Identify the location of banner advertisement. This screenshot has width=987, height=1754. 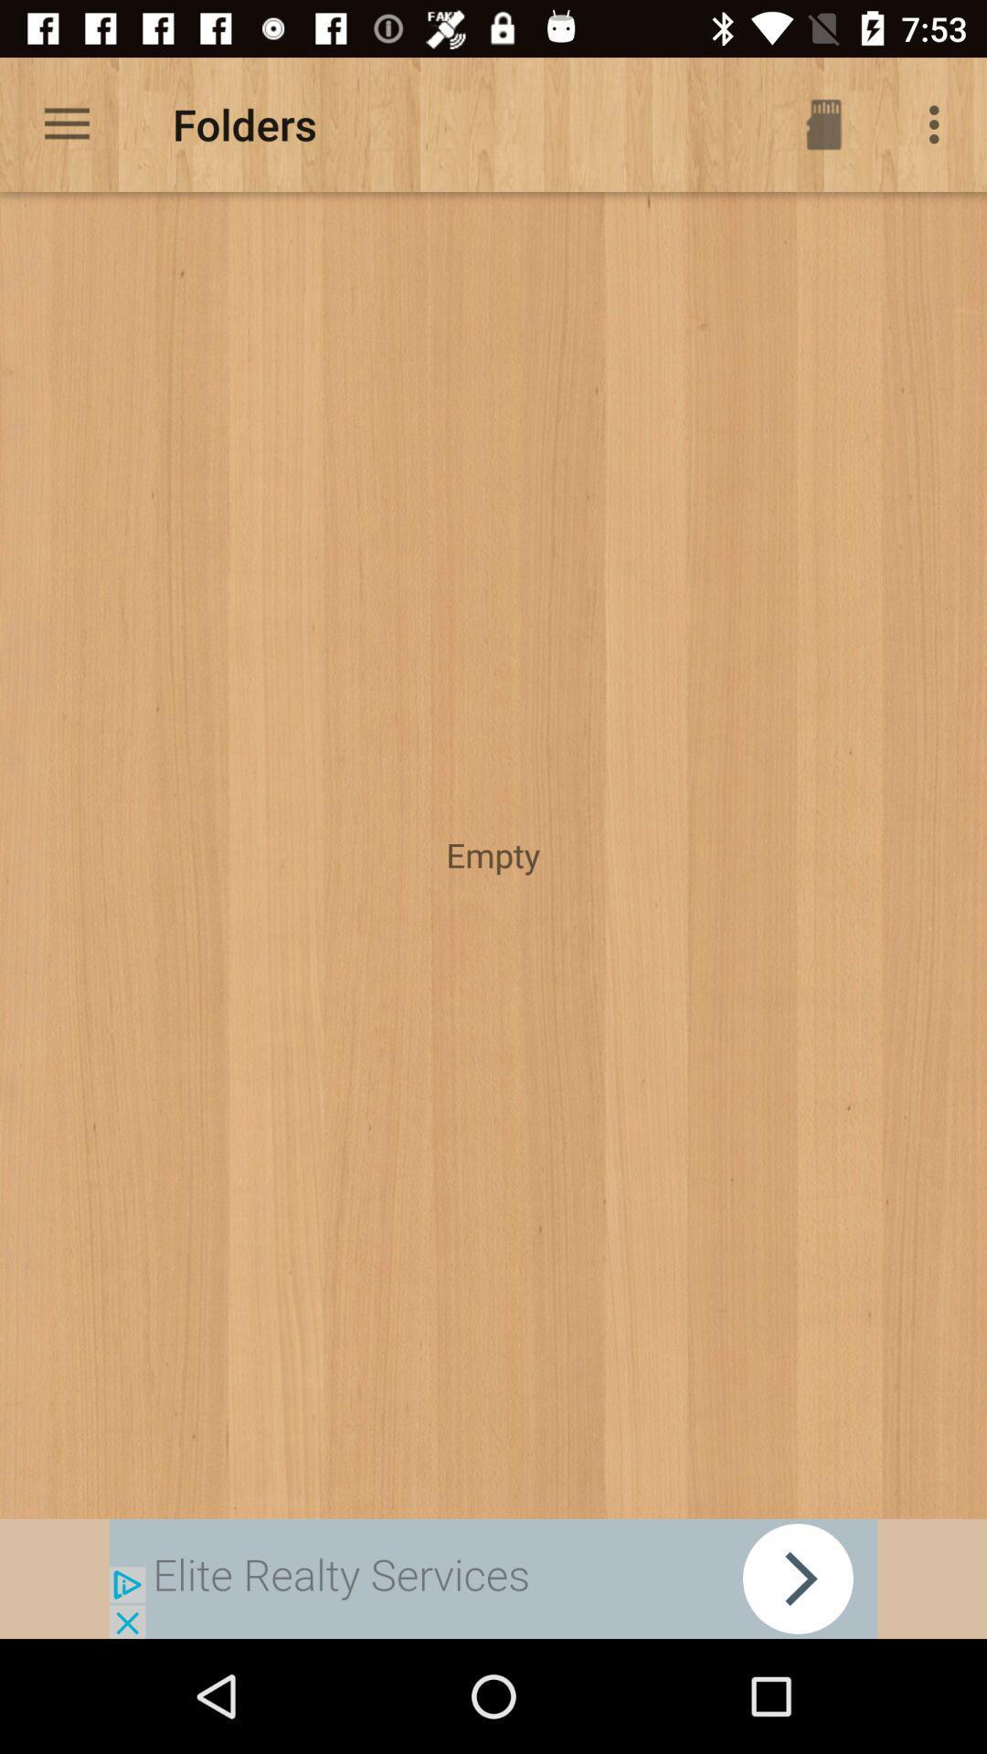
(493, 1578).